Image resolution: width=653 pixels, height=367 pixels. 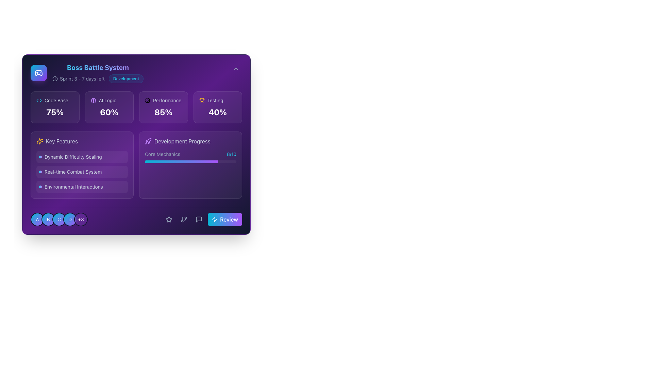 What do you see at coordinates (82, 187) in the screenshot?
I see `the rectangular button-like component labeled 'Environmental Interactions' with a dark purple background and light gray text, located in the lower-left section of the interface` at bounding box center [82, 187].